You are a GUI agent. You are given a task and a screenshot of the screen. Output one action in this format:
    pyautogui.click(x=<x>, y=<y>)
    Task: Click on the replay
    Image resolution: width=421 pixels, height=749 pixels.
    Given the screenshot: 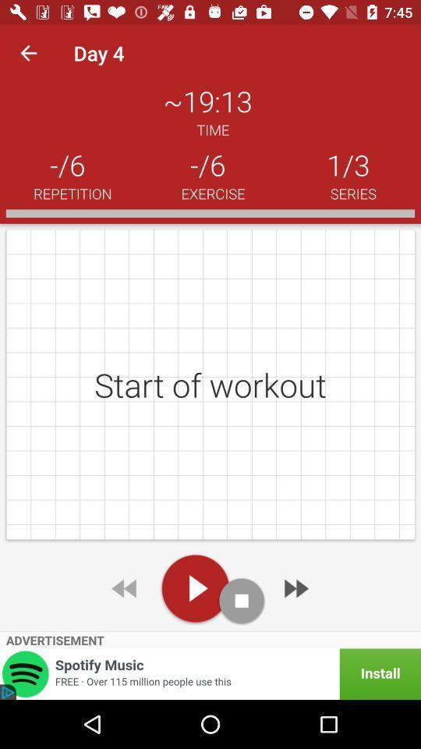 What is the action you would take?
    pyautogui.click(x=125, y=587)
    